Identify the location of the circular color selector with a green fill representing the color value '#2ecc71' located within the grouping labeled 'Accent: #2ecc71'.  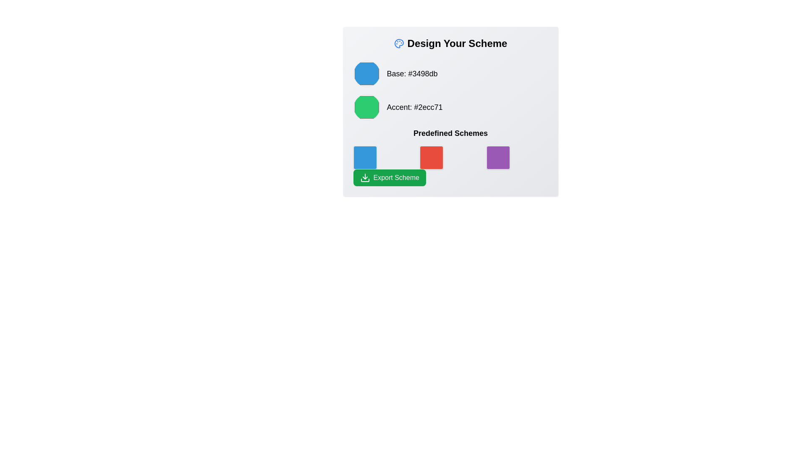
(366, 107).